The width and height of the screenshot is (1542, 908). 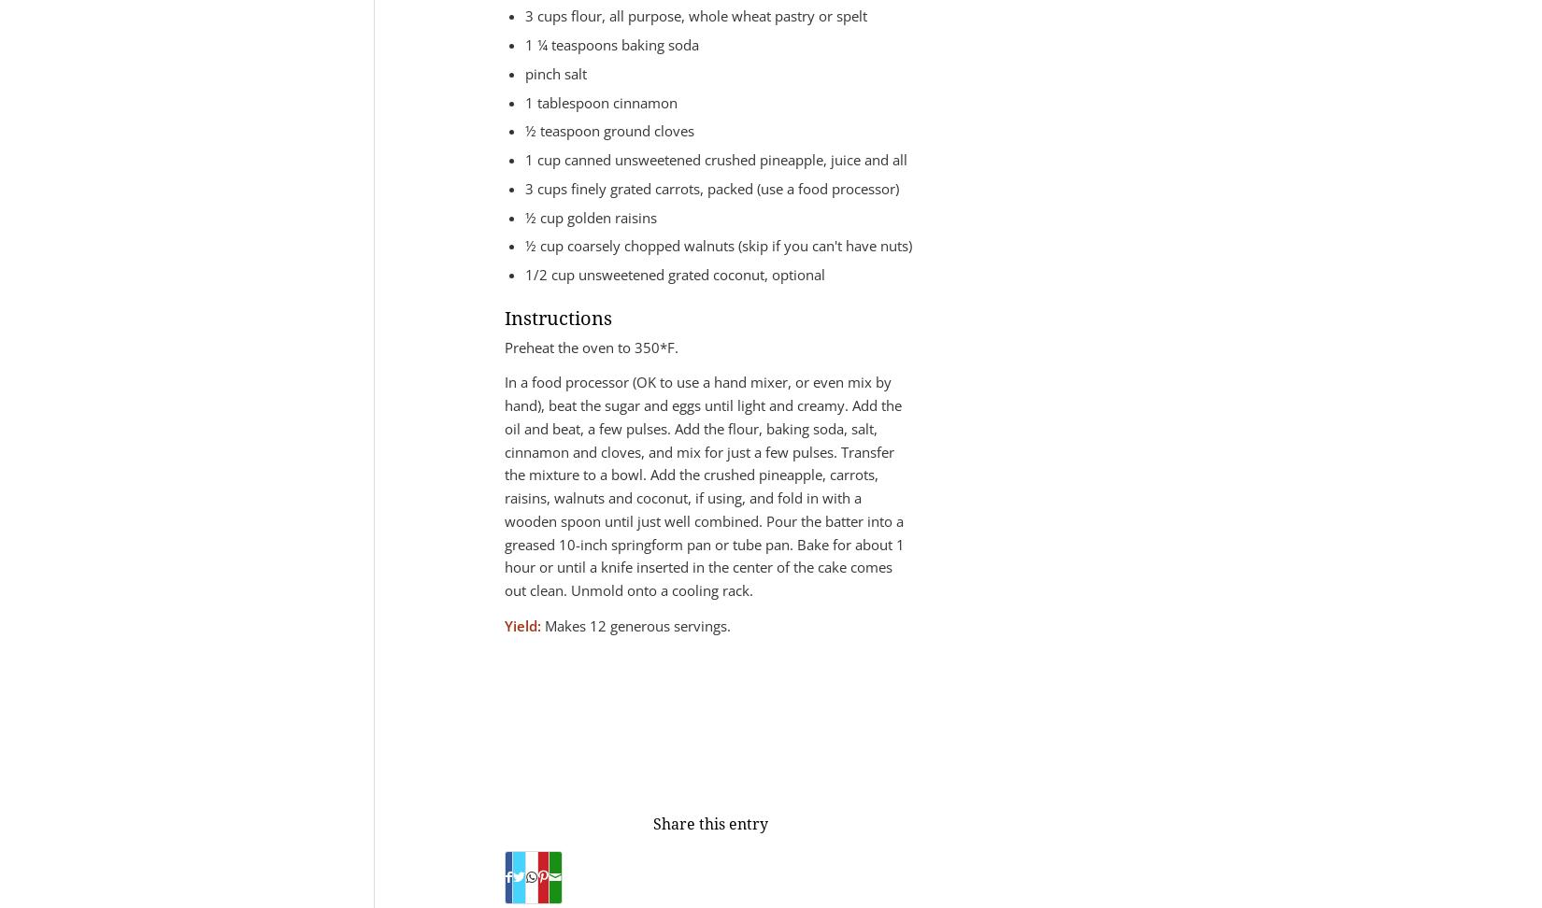 What do you see at coordinates (636, 624) in the screenshot?
I see `'Makes 12 generous servings.'` at bounding box center [636, 624].